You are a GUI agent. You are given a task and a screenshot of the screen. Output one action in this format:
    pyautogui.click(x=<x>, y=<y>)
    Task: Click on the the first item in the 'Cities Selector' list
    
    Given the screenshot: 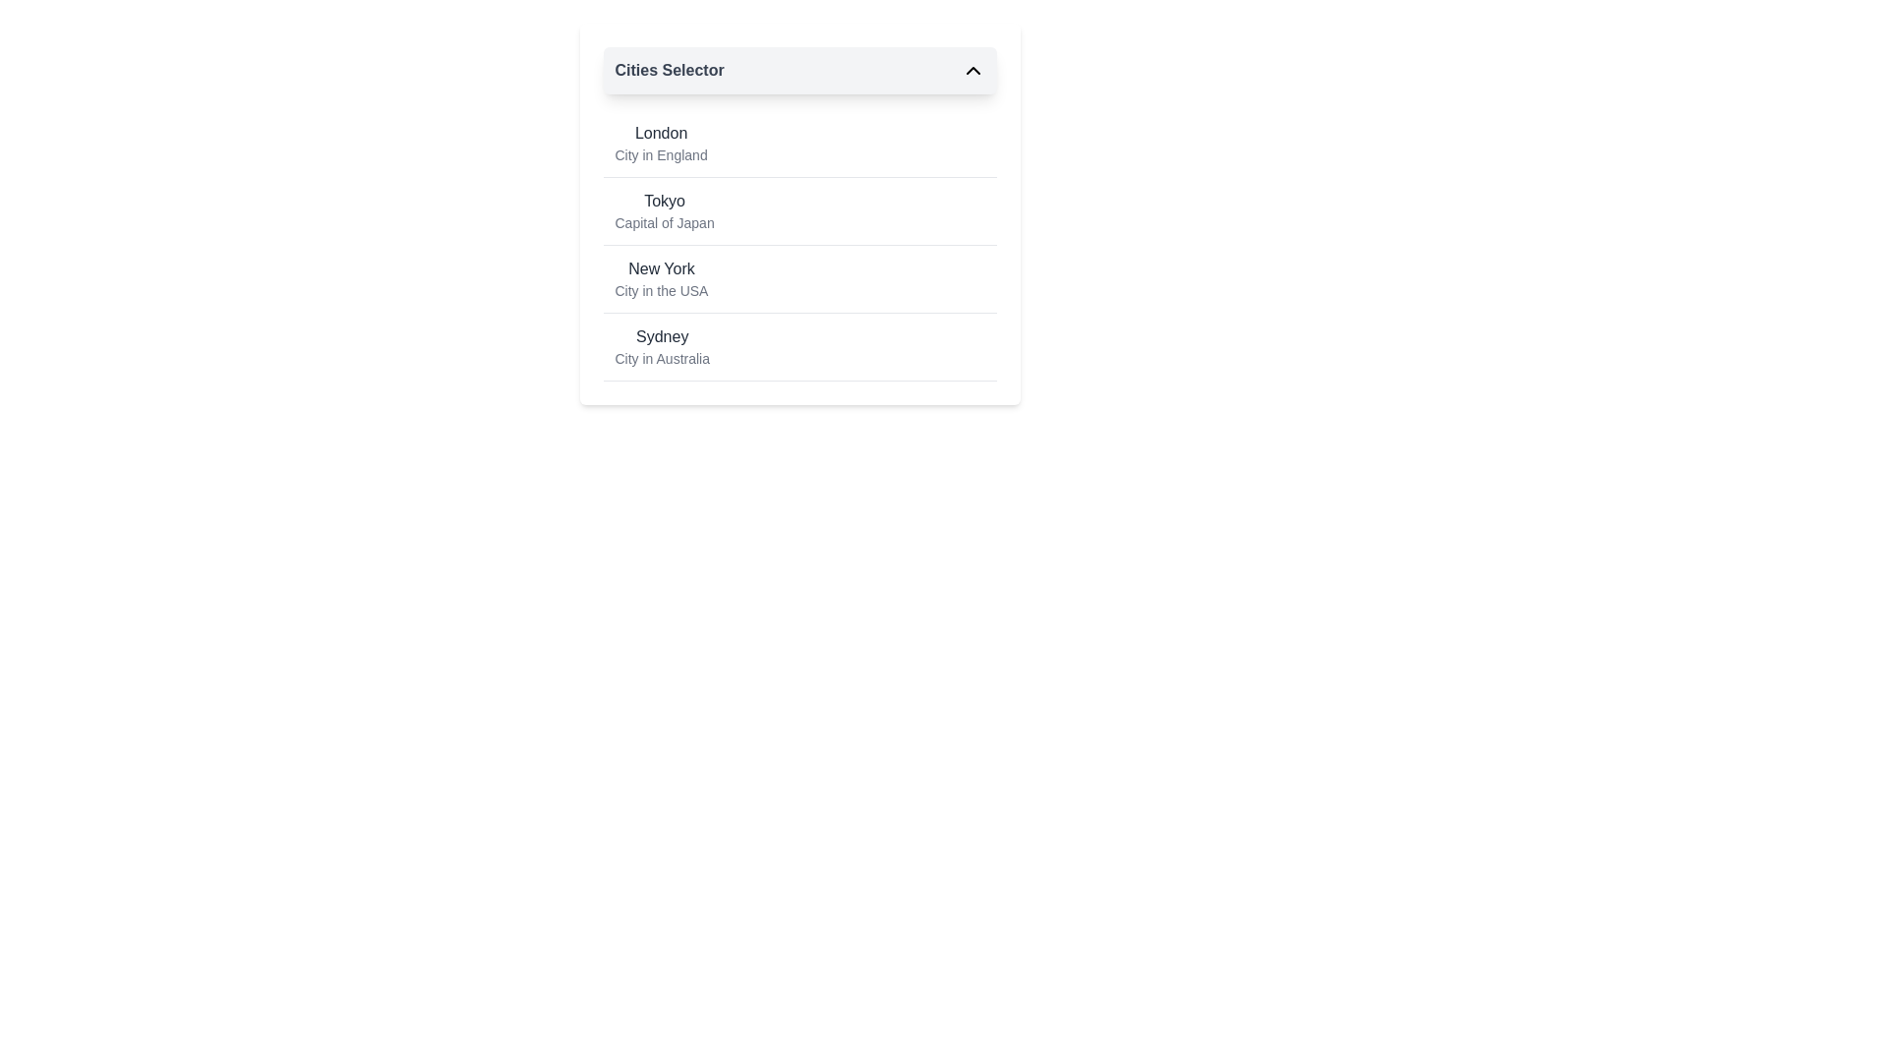 What is the action you would take?
    pyautogui.click(x=799, y=143)
    